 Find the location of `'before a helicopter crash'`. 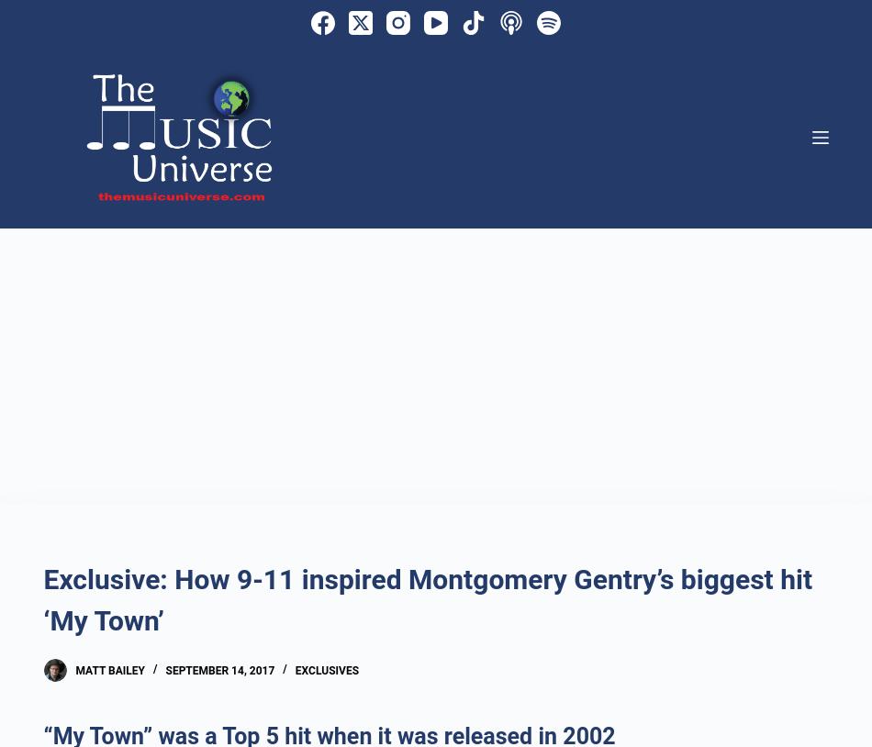

'before a helicopter crash' is located at coordinates (378, 87).